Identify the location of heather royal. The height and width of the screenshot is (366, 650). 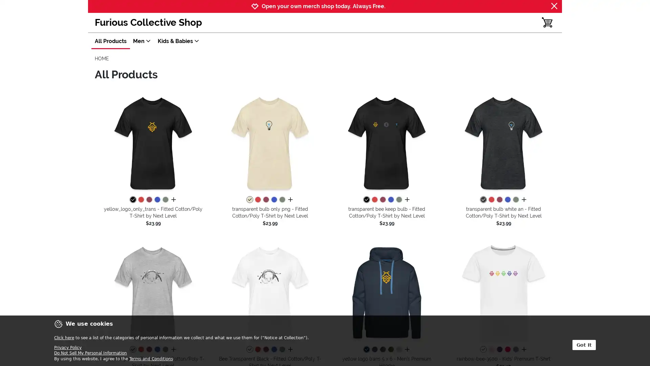
(274, 200).